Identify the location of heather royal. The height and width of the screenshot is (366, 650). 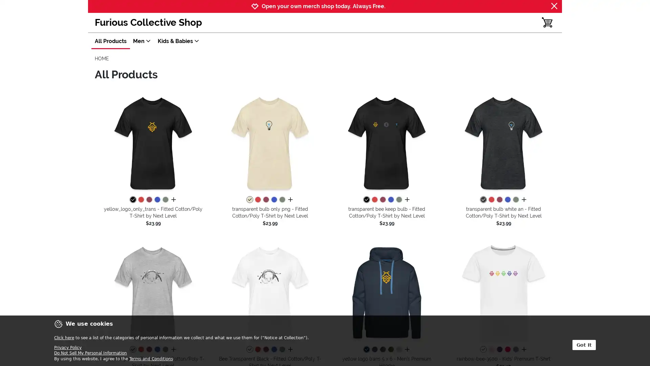
(274, 200).